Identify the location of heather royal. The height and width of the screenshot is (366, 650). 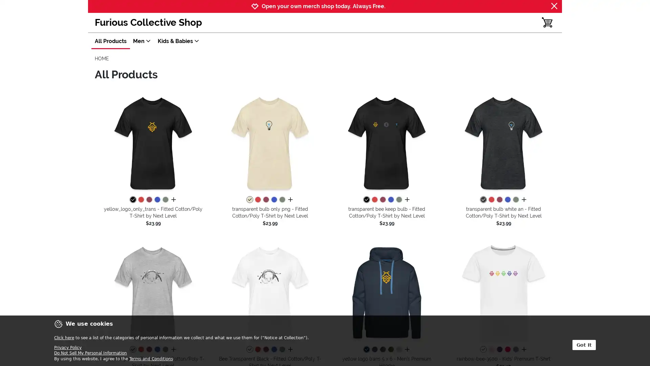
(274, 200).